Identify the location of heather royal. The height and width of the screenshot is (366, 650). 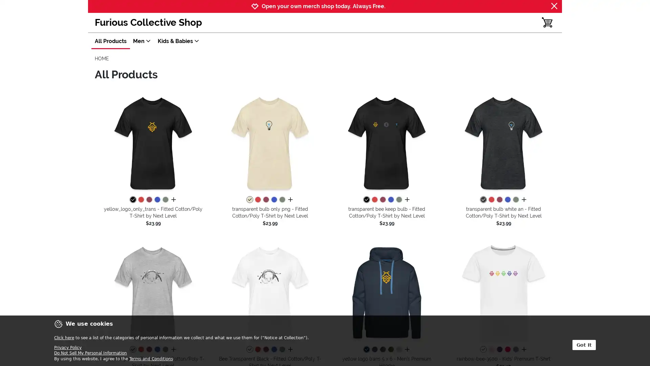
(274, 200).